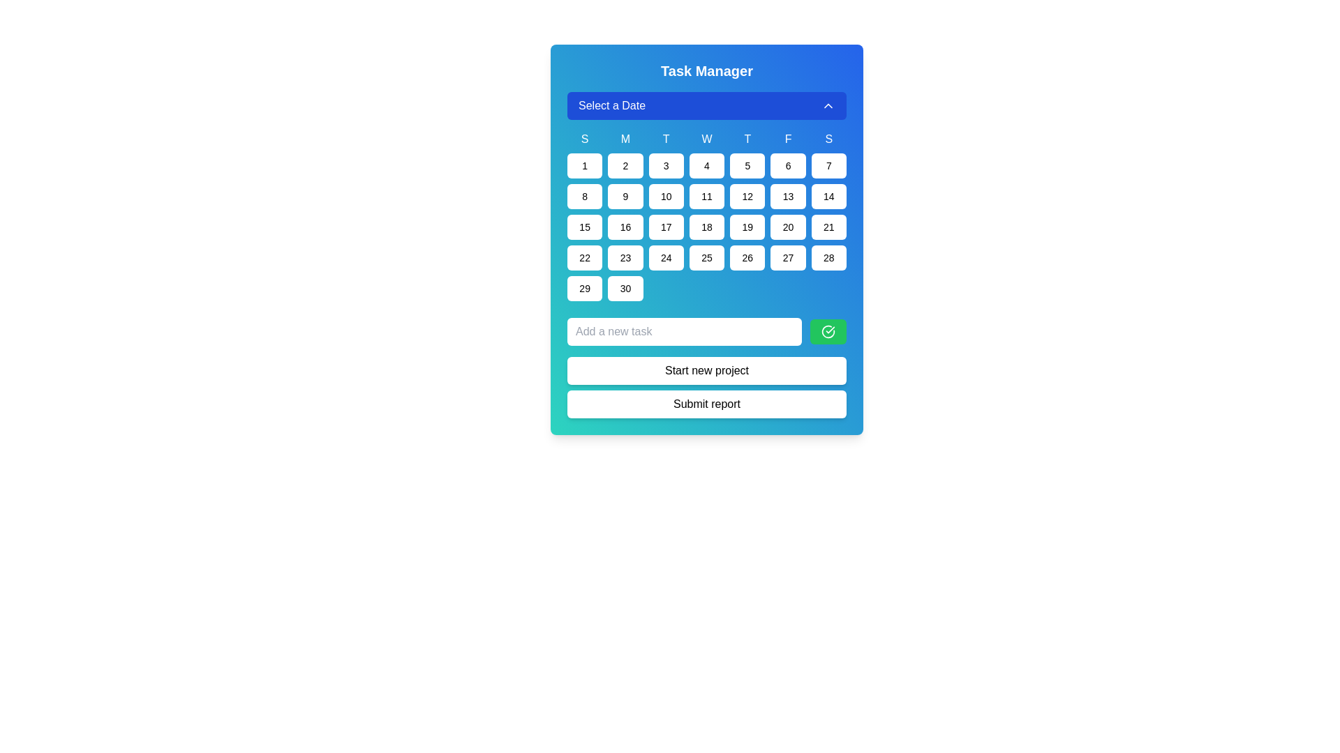 The image size is (1340, 753). I want to click on the square button with rounded corners, white background, and the number '20' in black, located in the fourth row and sixth column of the calendar grid, so click(788, 227).